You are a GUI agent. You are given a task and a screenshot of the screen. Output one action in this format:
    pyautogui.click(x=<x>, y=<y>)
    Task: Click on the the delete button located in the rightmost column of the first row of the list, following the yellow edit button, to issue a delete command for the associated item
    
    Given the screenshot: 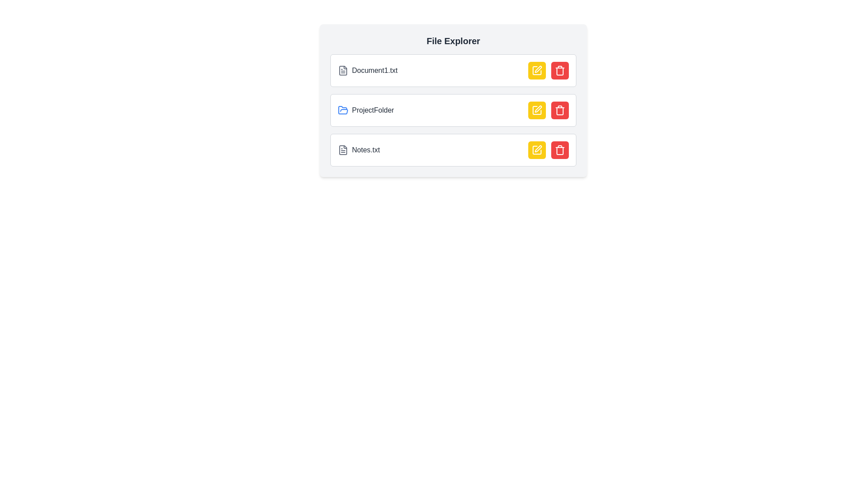 What is the action you would take?
    pyautogui.click(x=559, y=70)
    